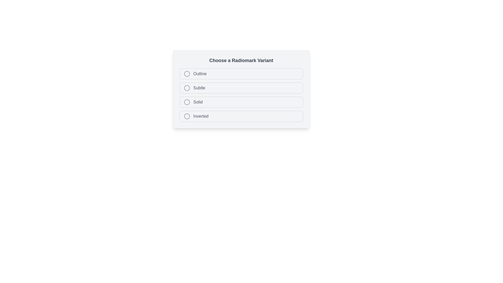  I want to click on first selectable button labeled 'Outline' which has rounded borders and light gray text, positioned at the top of a vertical list of radio button options, so click(241, 74).